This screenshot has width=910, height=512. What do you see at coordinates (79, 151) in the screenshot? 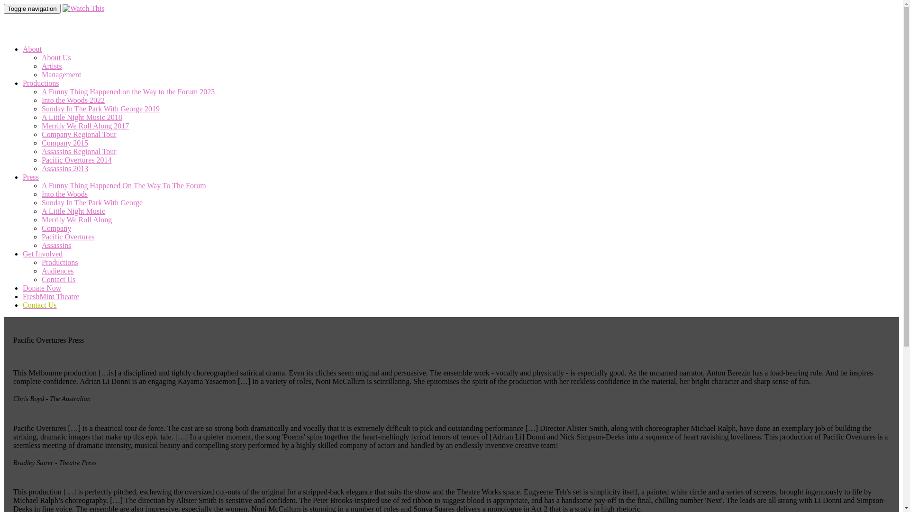
I see `'Assassins Regional Tour'` at bounding box center [79, 151].